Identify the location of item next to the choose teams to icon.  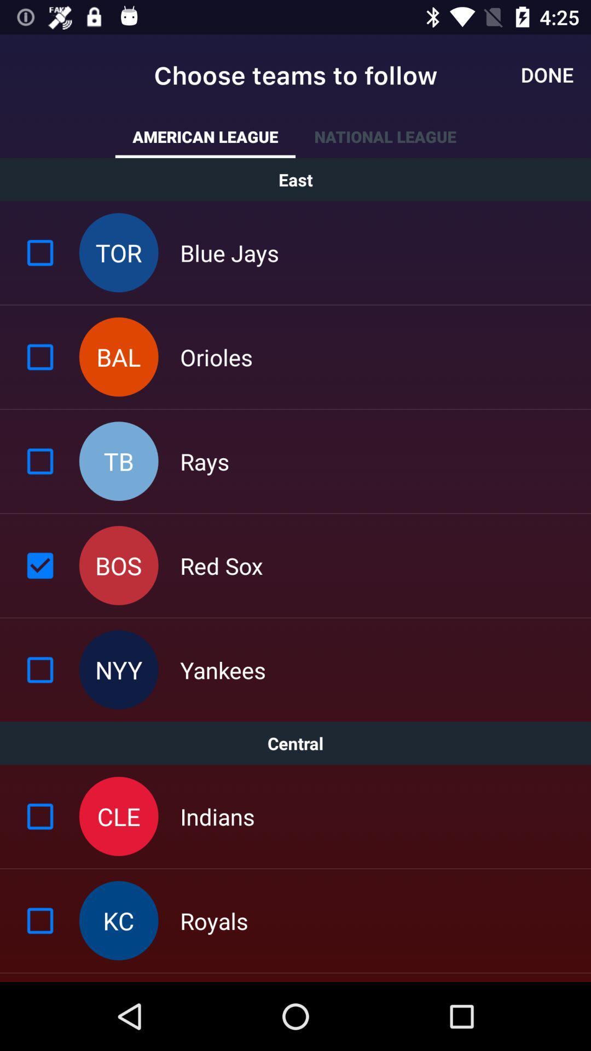
(547, 74).